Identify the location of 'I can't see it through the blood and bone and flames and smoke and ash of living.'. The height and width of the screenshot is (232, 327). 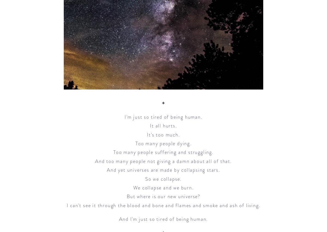
(163, 205).